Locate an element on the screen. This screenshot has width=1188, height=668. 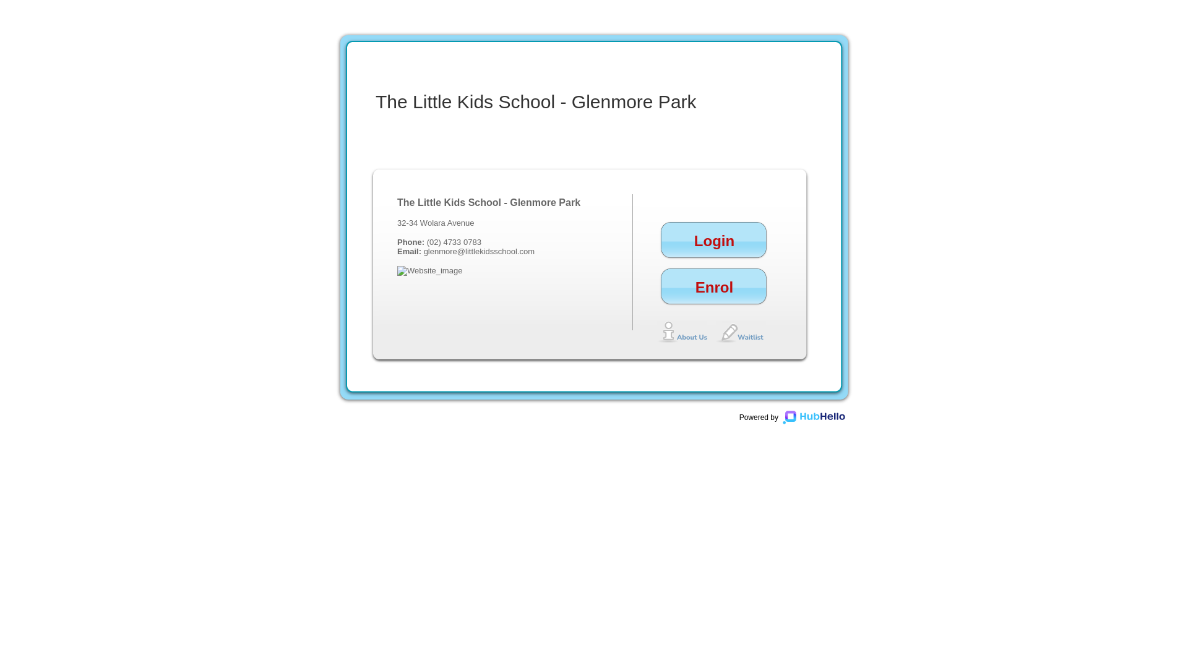
'Submit' is located at coordinates (898, 273).